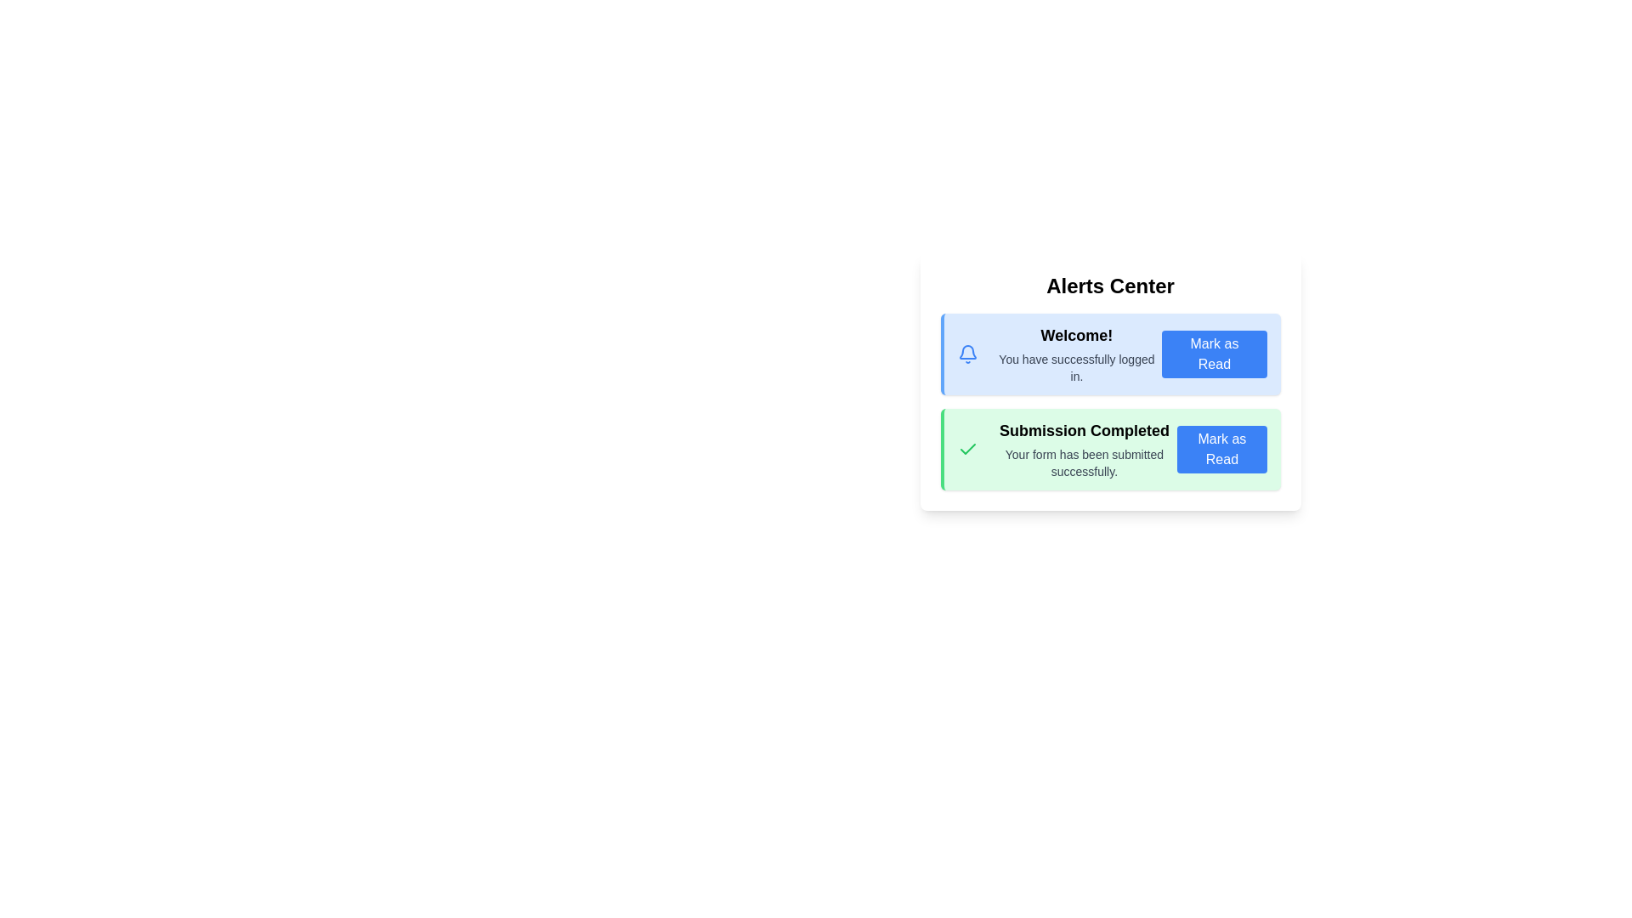 The width and height of the screenshot is (1632, 918). Describe the element at coordinates (1112, 448) in the screenshot. I see `the green check mark icon of the second notification in the Alerts Center section for visual confirmation` at that location.